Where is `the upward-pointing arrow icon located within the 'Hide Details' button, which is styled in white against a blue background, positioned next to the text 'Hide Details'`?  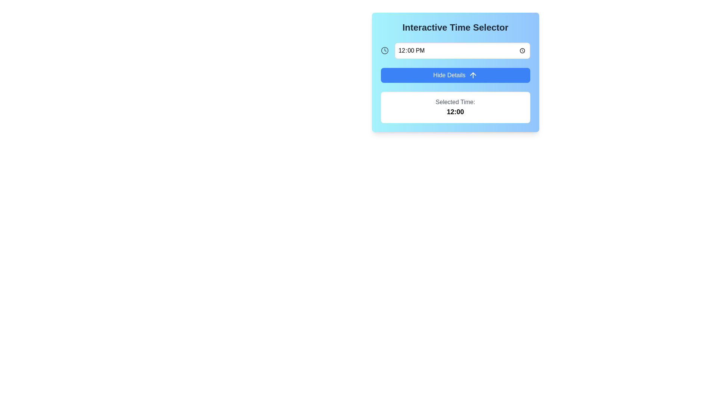 the upward-pointing arrow icon located within the 'Hide Details' button, which is styled in white against a blue background, positioned next to the text 'Hide Details' is located at coordinates (472, 75).